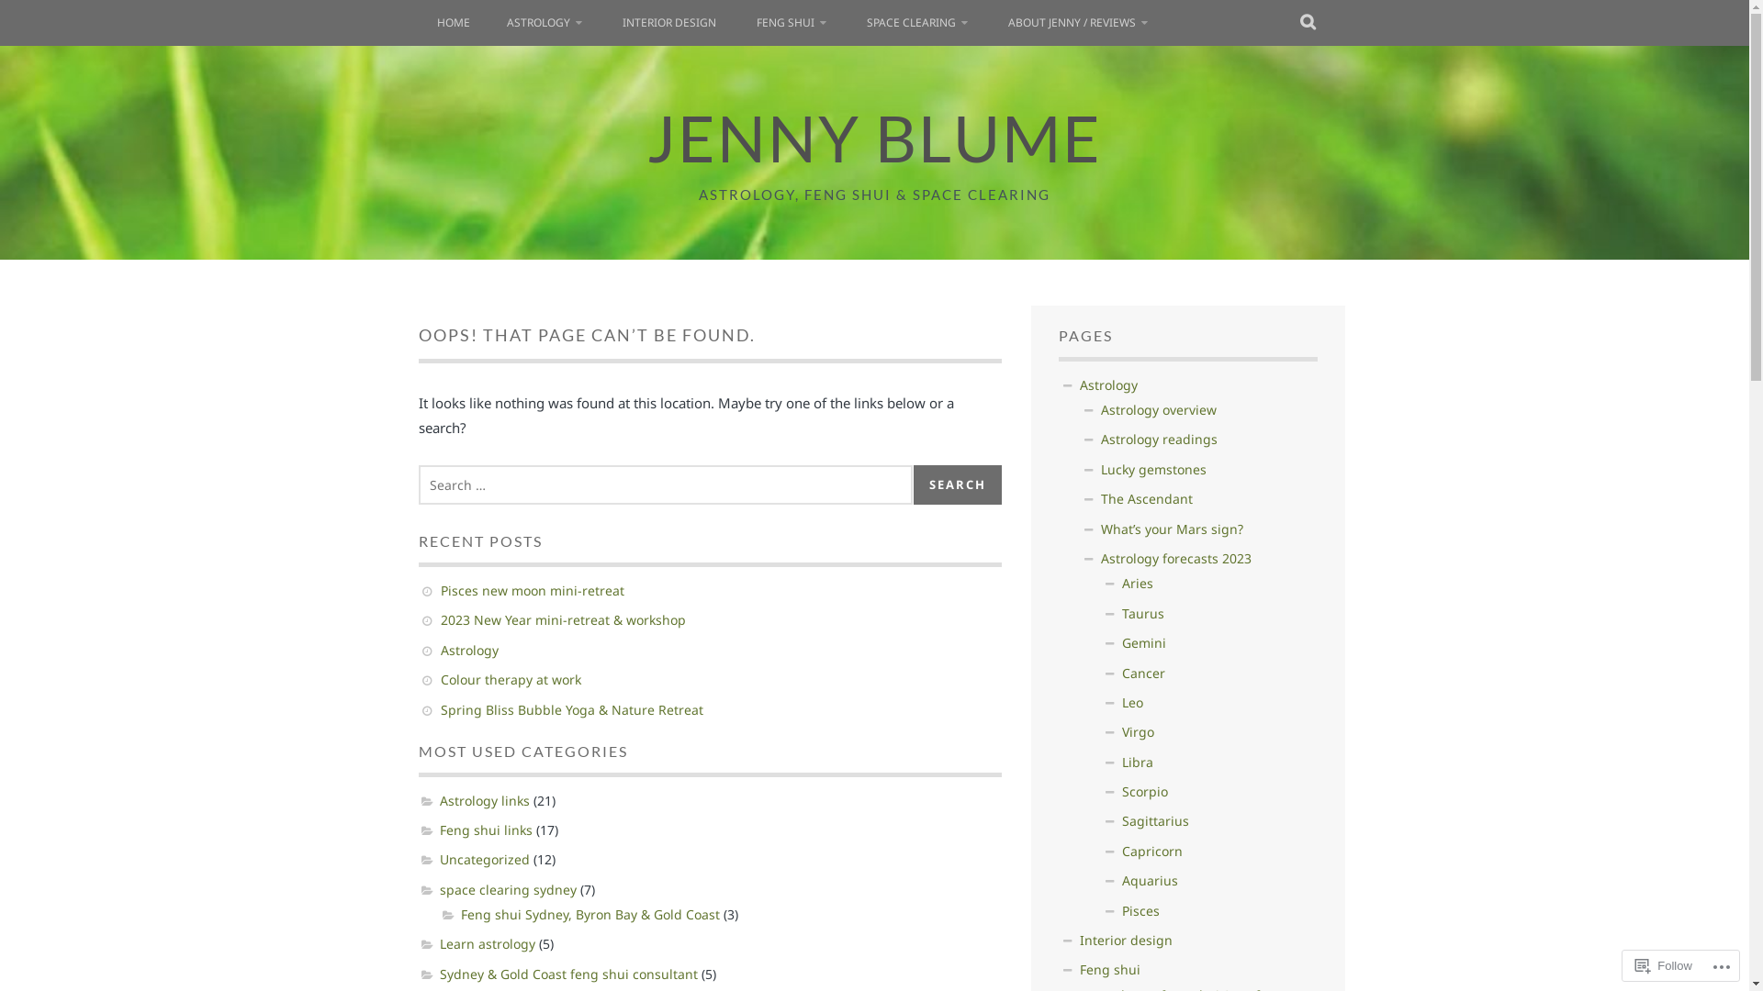 This screenshot has height=991, width=1763. I want to click on 'Astrology', so click(1107, 384).